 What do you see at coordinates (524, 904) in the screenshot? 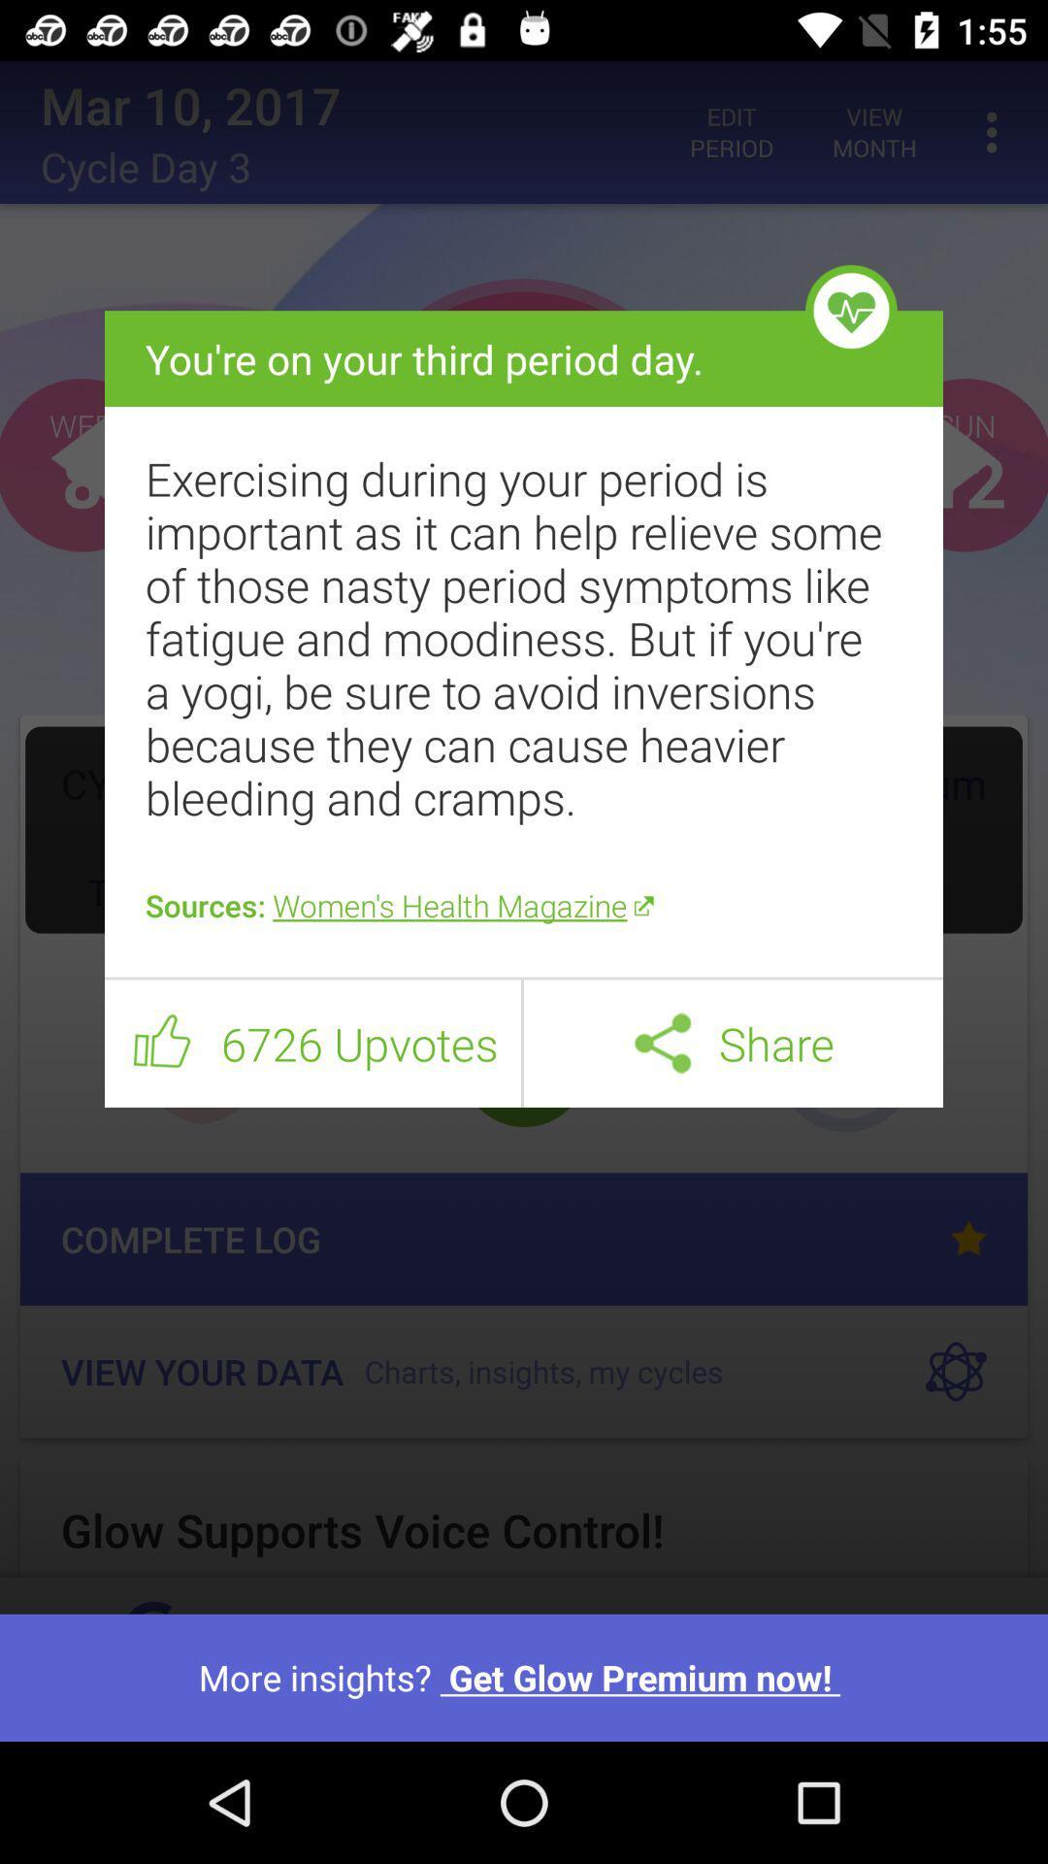
I see `the sources women s` at bounding box center [524, 904].